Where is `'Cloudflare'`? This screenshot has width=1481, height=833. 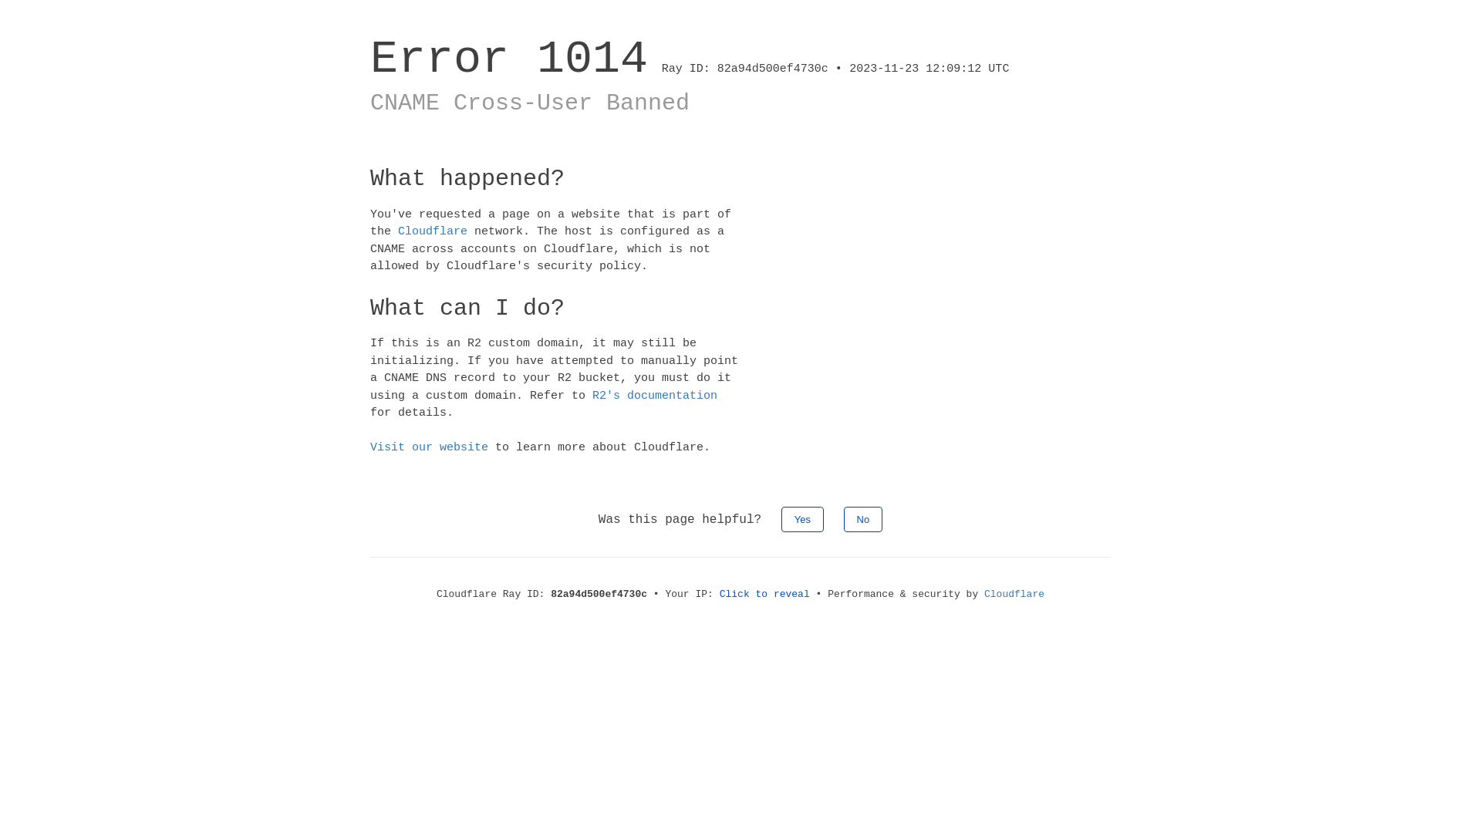
'Cloudflare' is located at coordinates (1014, 592).